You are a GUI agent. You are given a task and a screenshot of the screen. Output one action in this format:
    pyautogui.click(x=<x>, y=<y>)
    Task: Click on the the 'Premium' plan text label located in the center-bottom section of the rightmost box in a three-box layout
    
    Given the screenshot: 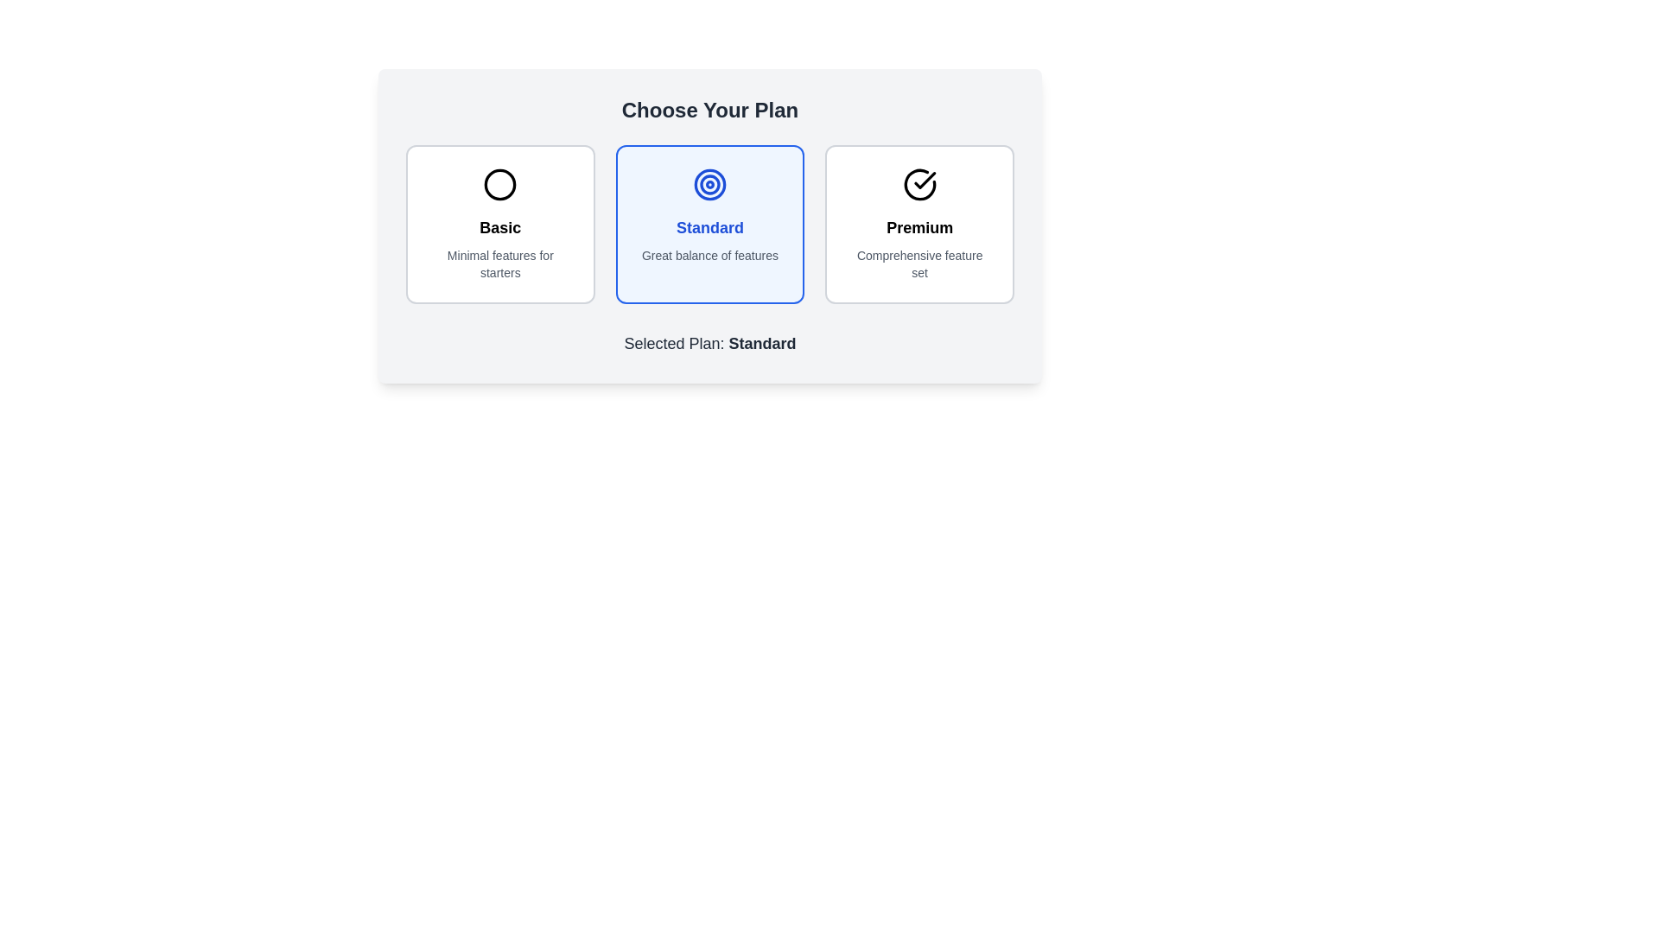 What is the action you would take?
    pyautogui.click(x=918, y=226)
    